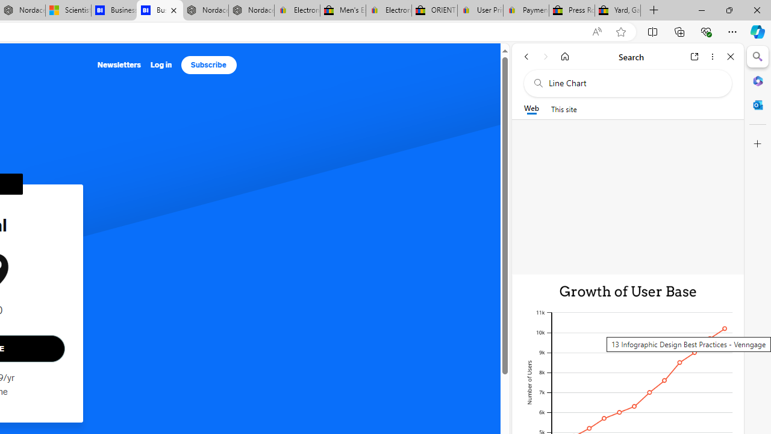  Describe the element at coordinates (160, 65) in the screenshot. I see `'Log in'` at that location.